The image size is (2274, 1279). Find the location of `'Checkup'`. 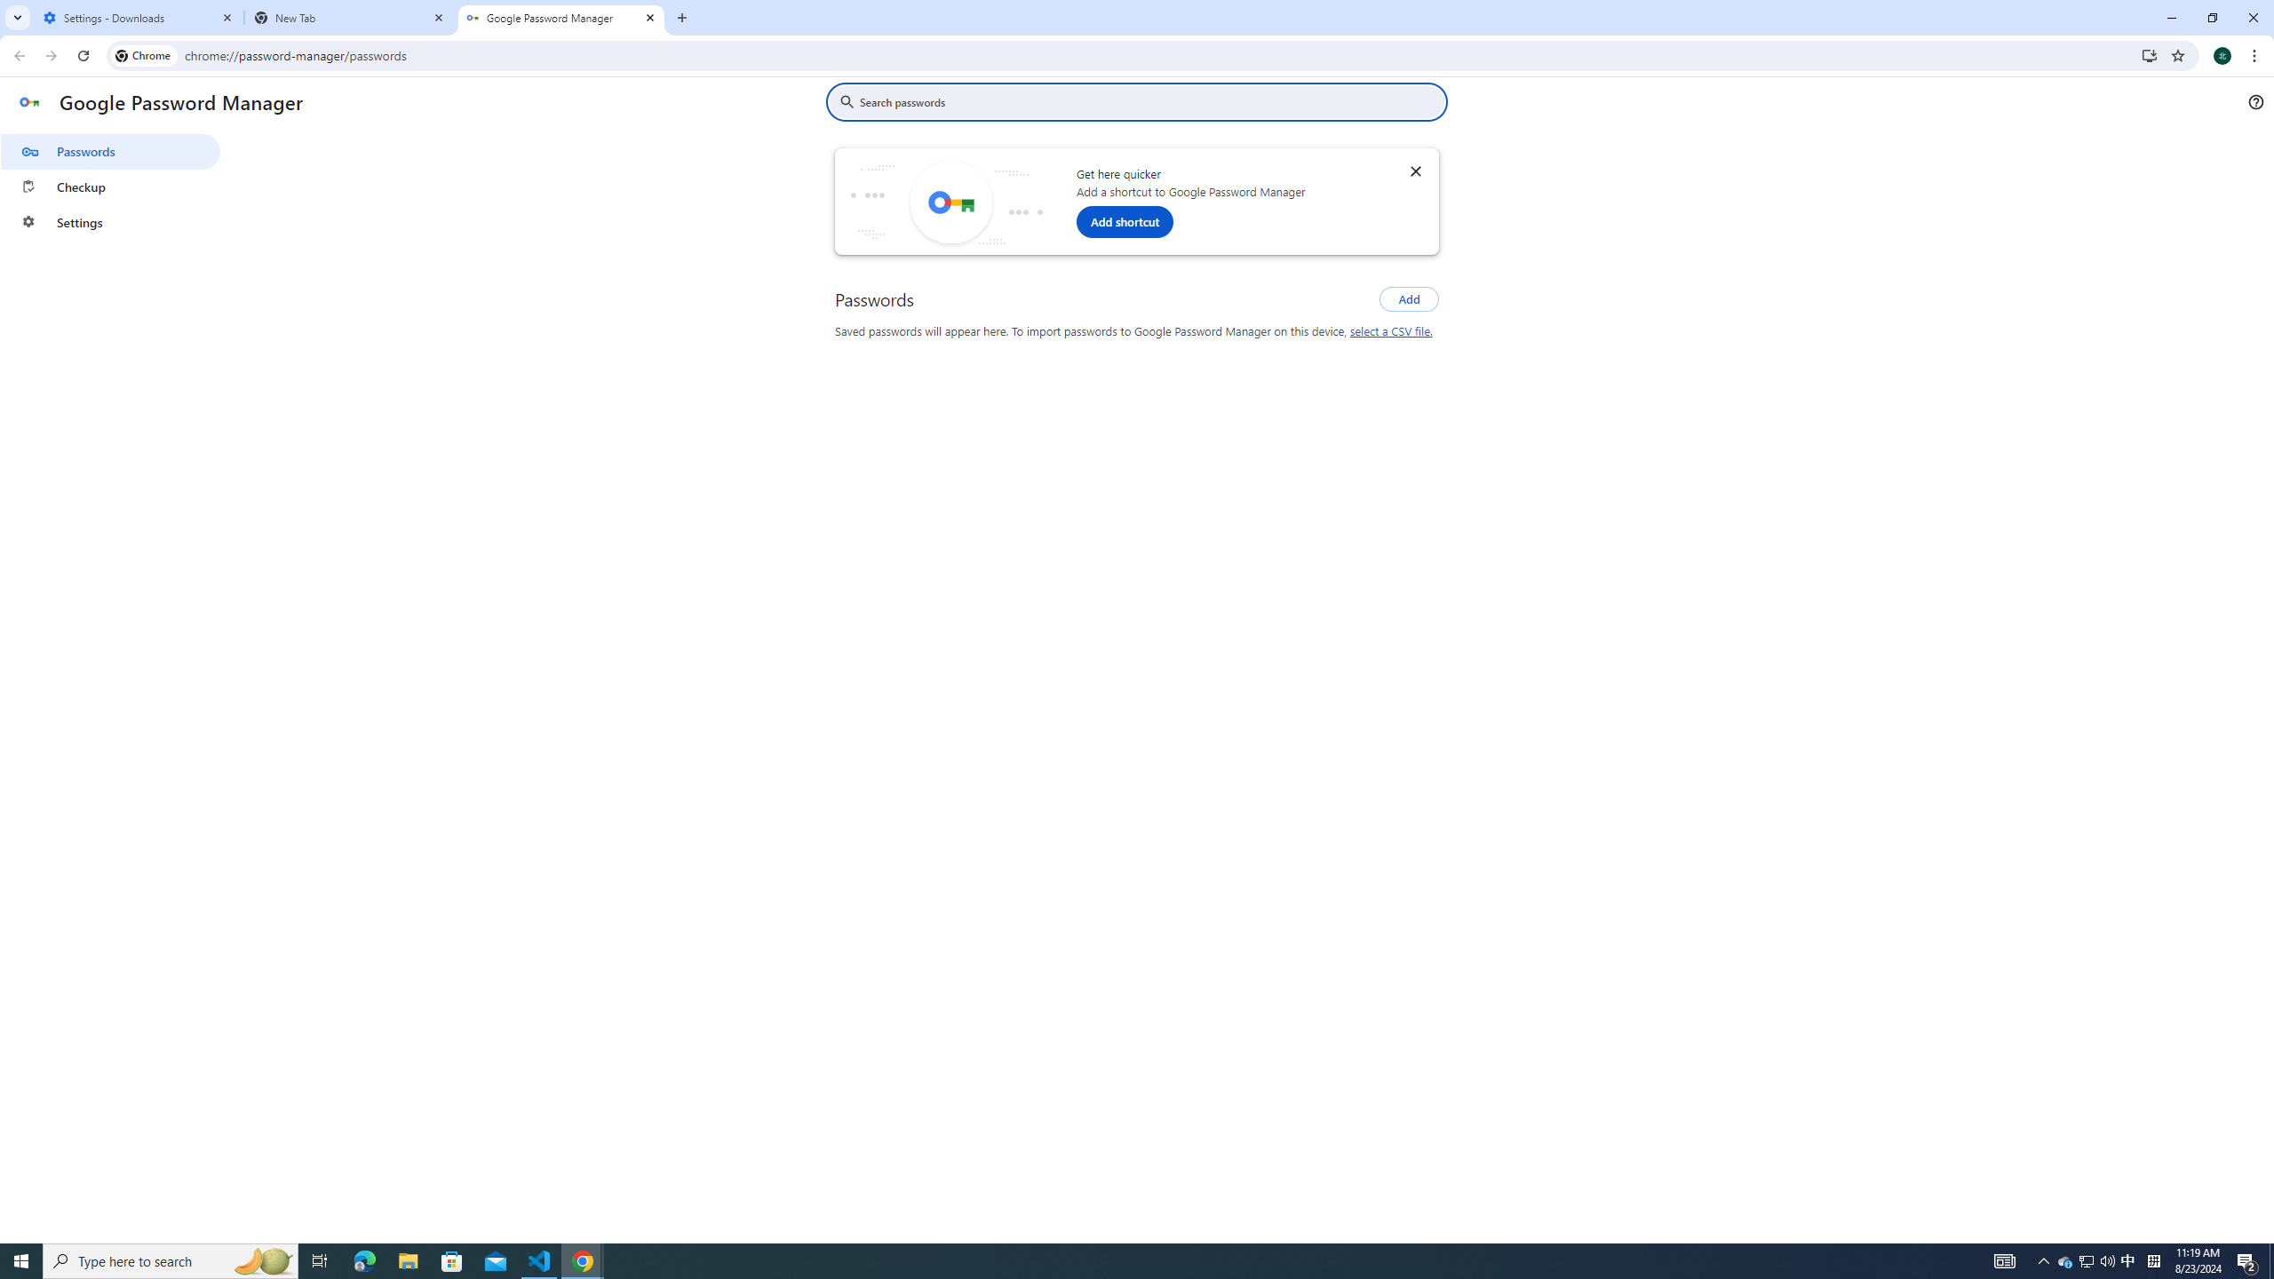

'Checkup' is located at coordinates (109, 187).